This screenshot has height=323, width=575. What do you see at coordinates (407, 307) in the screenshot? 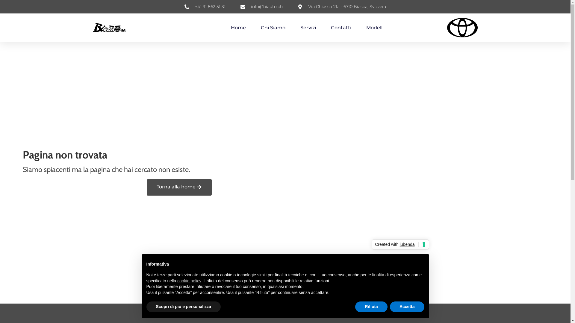
I see `'Accetta'` at bounding box center [407, 307].